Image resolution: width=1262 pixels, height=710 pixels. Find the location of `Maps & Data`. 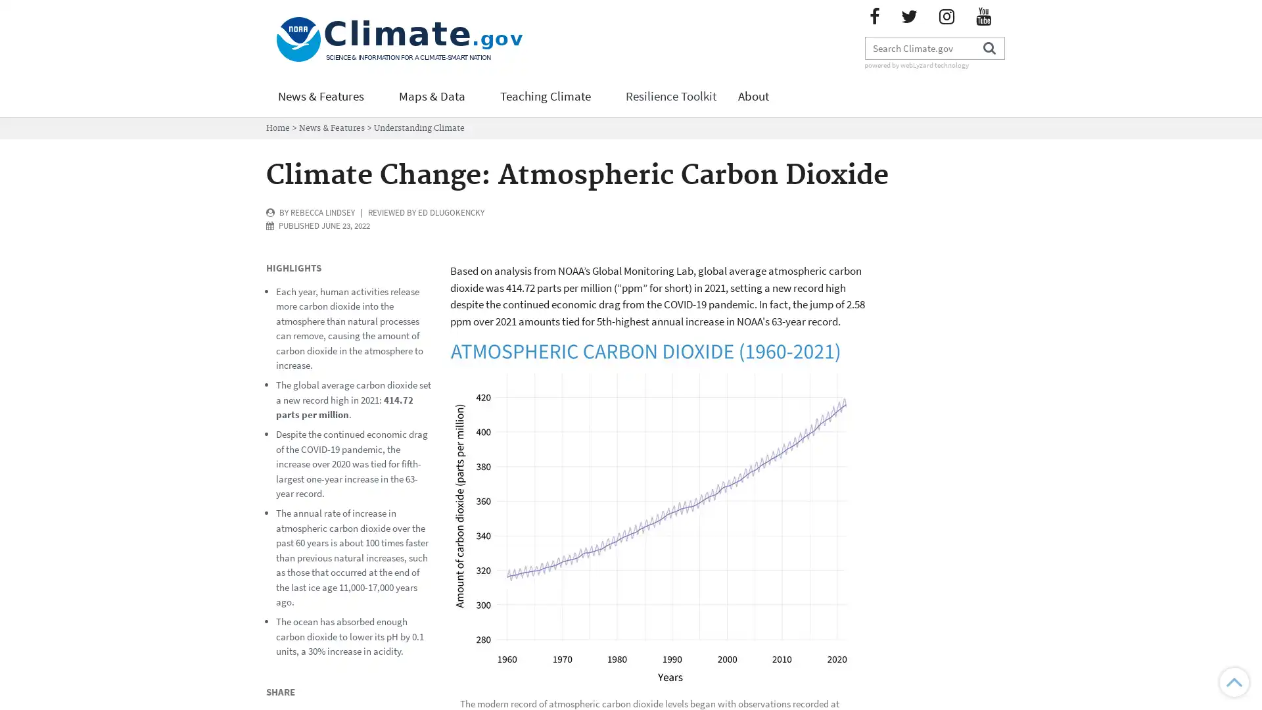

Maps & Data is located at coordinates (438, 96).